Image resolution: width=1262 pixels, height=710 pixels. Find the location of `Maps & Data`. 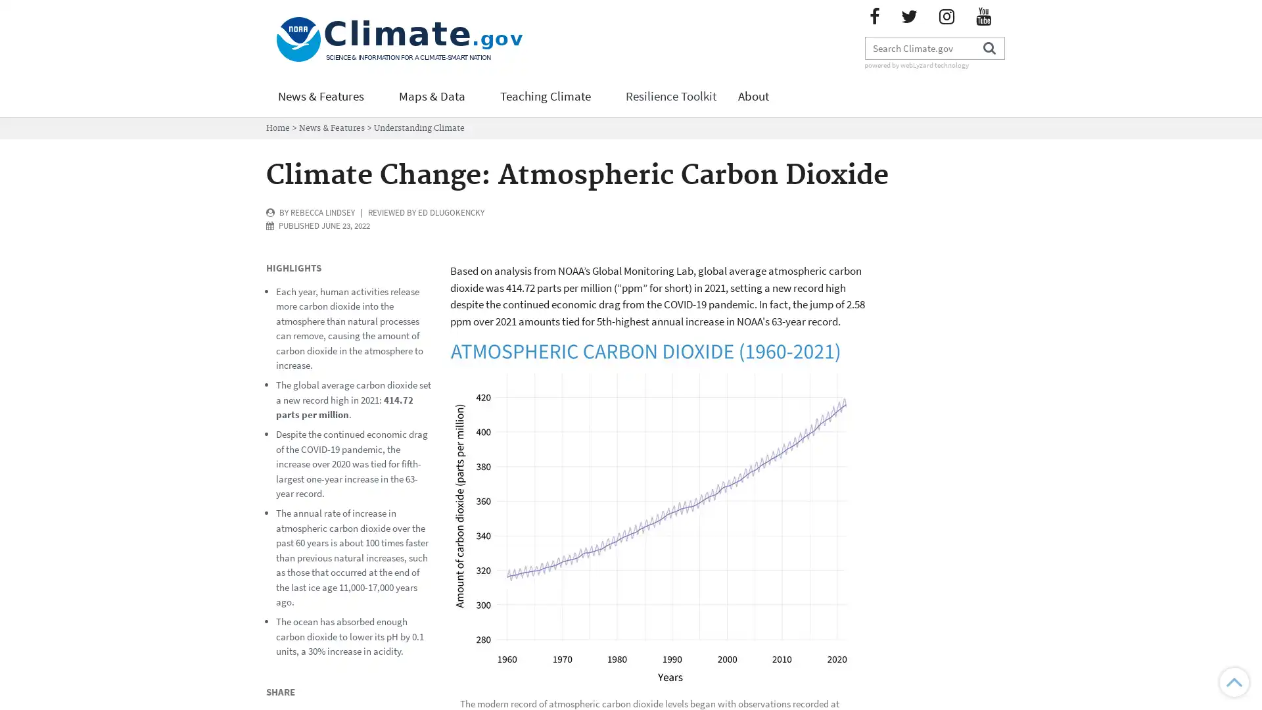

Maps & Data is located at coordinates (438, 96).